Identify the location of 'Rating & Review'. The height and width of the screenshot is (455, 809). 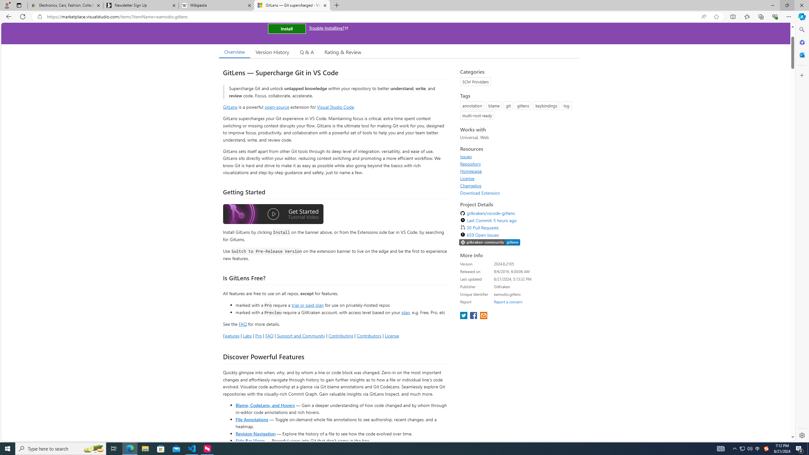
(343, 52).